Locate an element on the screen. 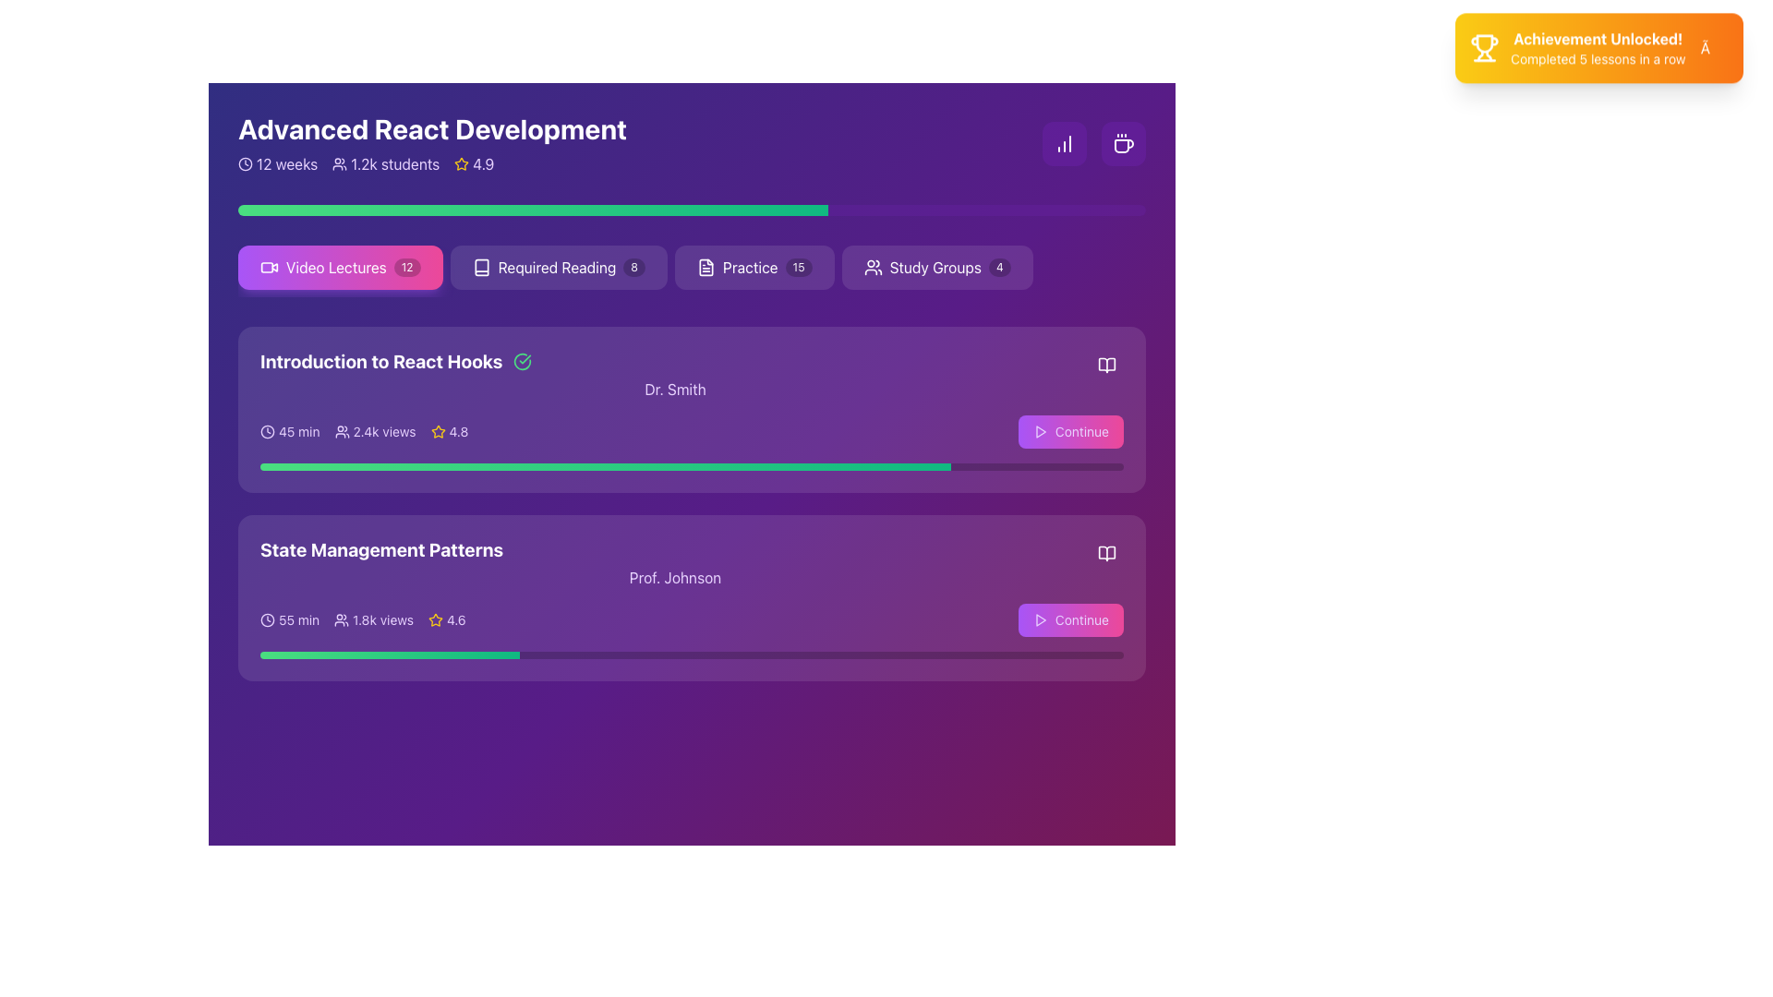 Image resolution: width=1773 pixels, height=997 pixels. the achievement icon located in the top-right corner of the notification that indicates 'Achievement Unlocked! Completed 5 lessons in a row.' is located at coordinates (1485, 50).